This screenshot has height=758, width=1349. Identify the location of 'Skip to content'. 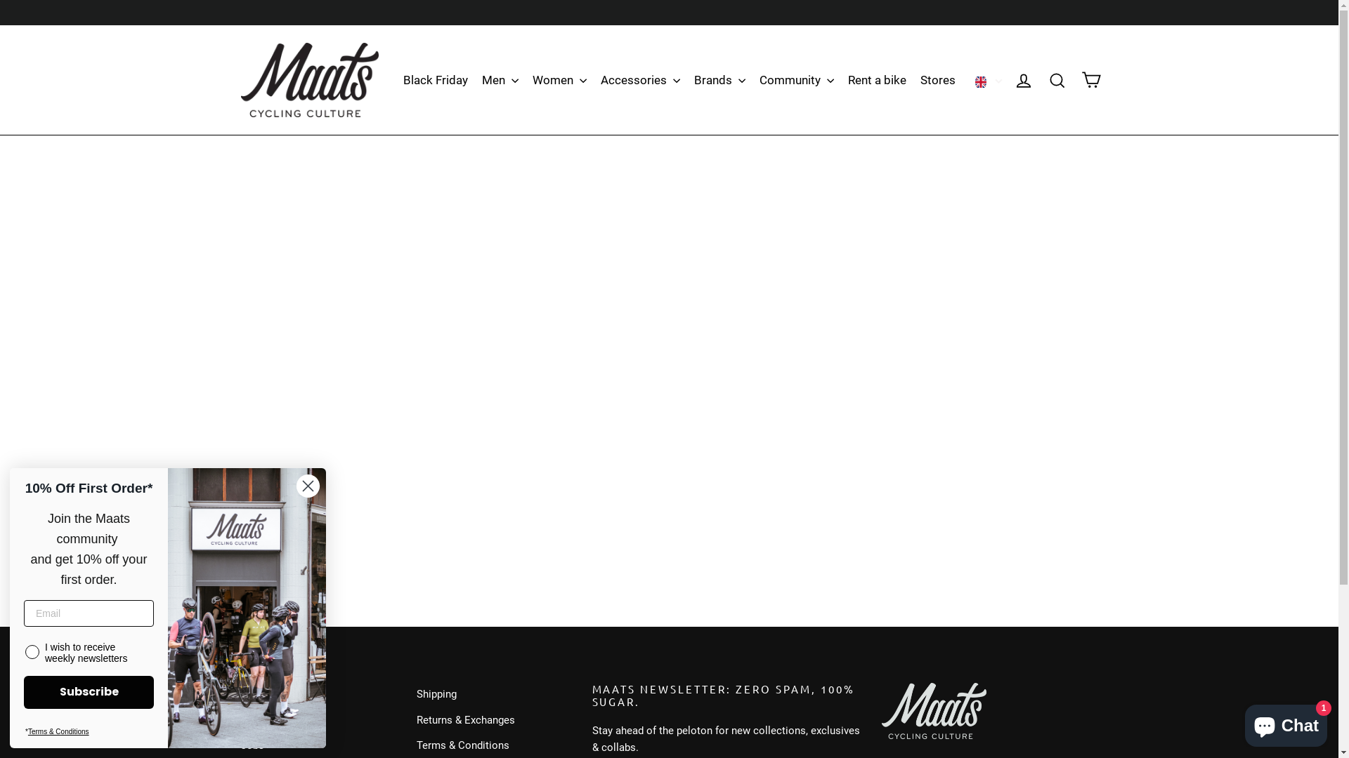
(0, 0).